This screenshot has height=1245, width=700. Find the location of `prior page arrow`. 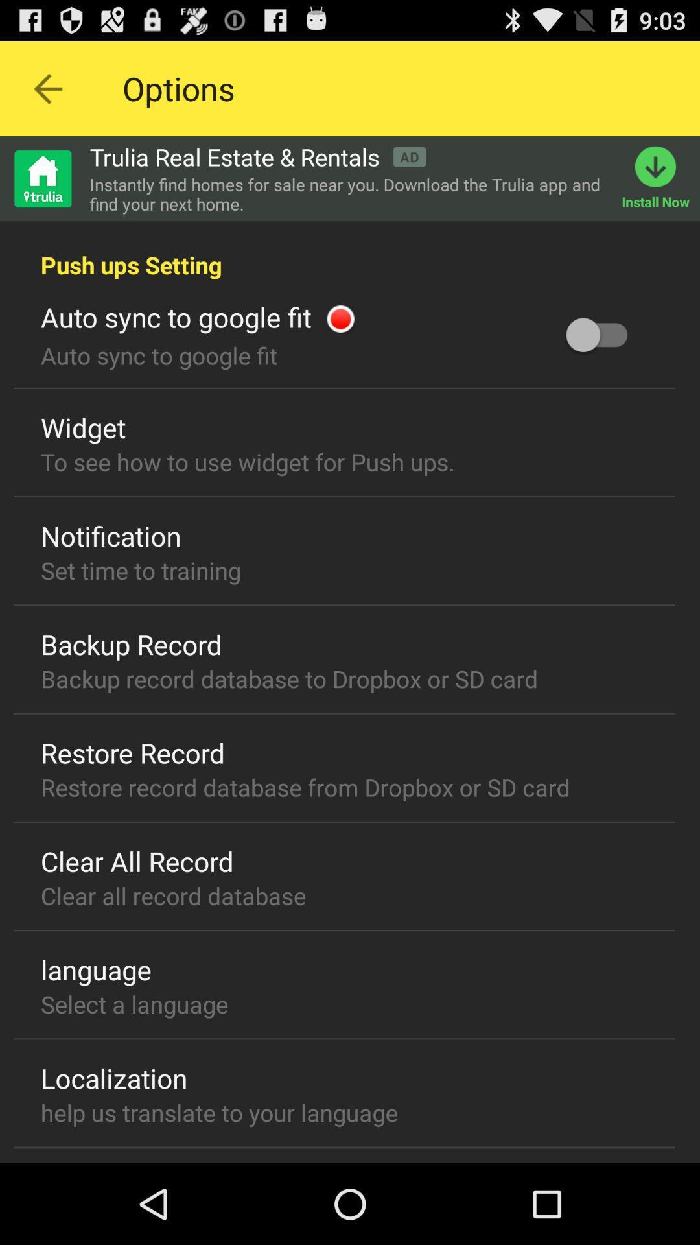

prior page arrow is located at coordinates (47, 88).